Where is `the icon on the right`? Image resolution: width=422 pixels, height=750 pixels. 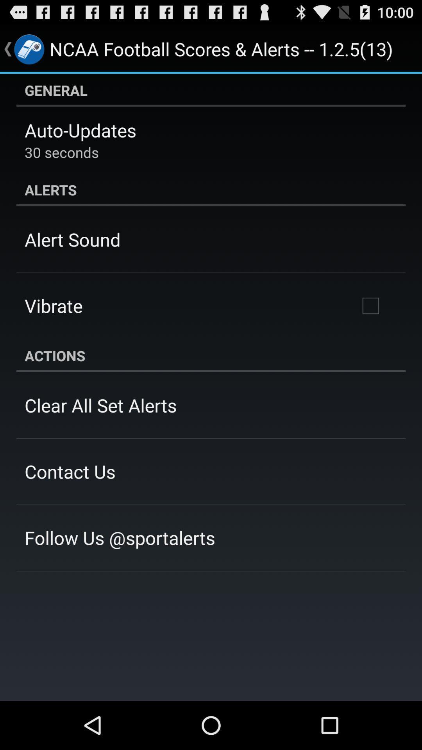 the icon on the right is located at coordinates (370, 305).